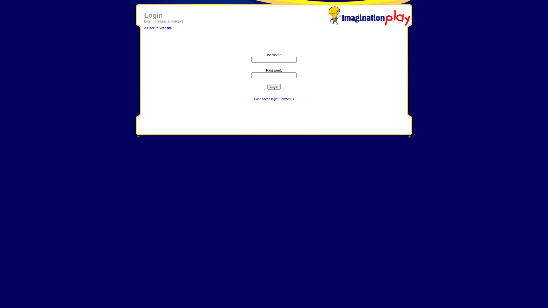  What do you see at coordinates (273, 87) in the screenshot?
I see `'Login'` at bounding box center [273, 87].